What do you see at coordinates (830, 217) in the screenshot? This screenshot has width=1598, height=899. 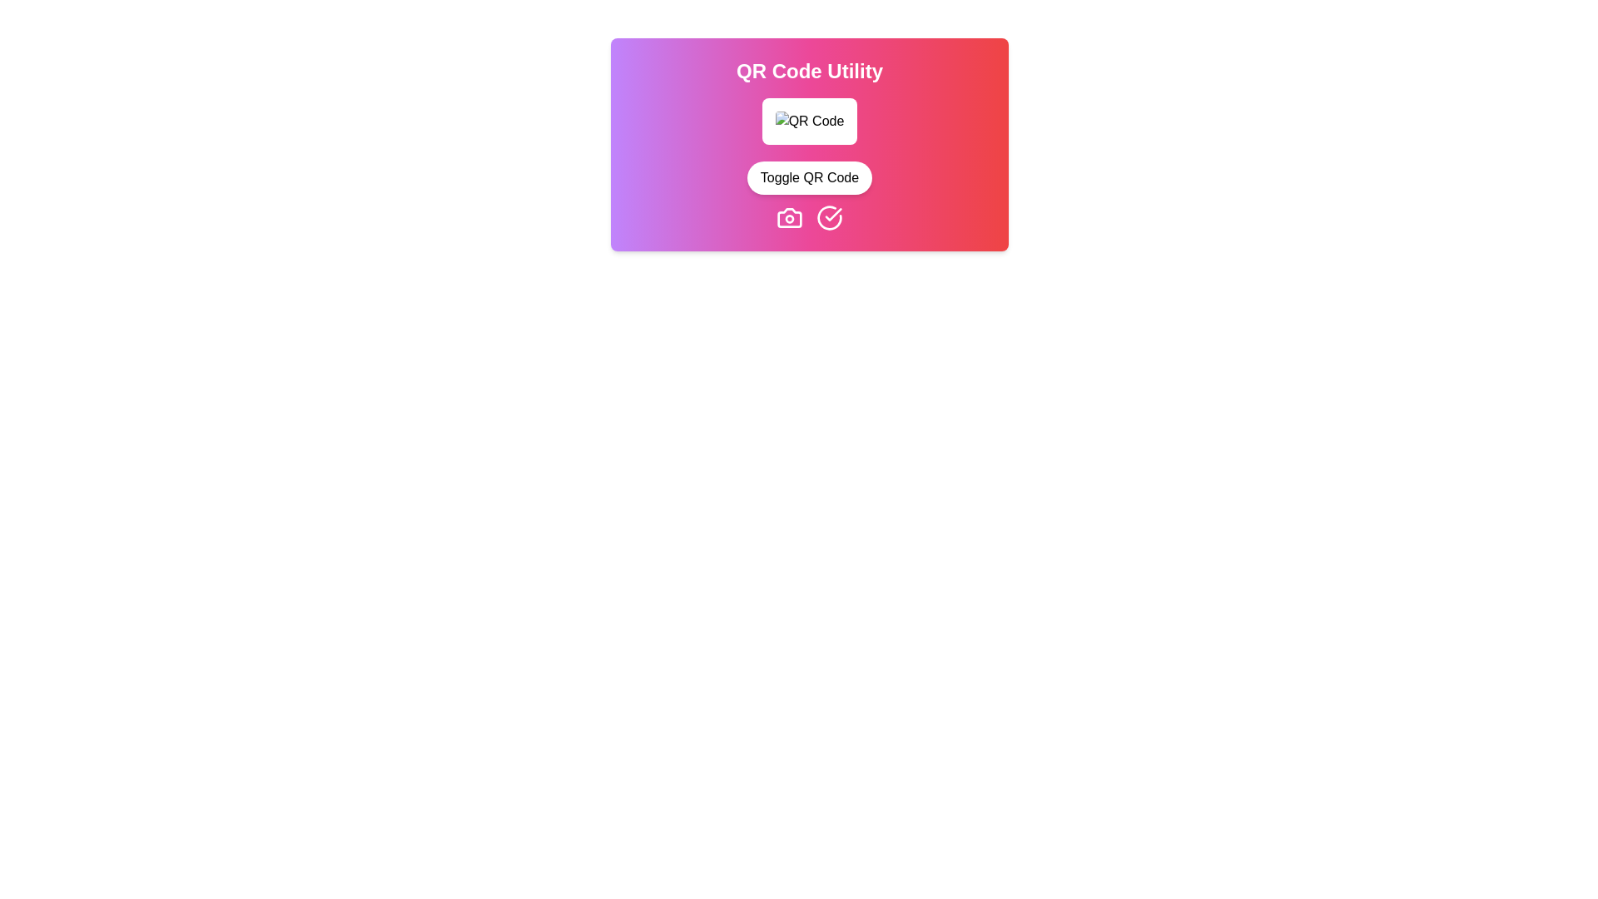 I see `the confirmation icon located towards the bottom right of the 'QR Code Utility' panel, which is adjacent to the camera icon` at bounding box center [830, 217].